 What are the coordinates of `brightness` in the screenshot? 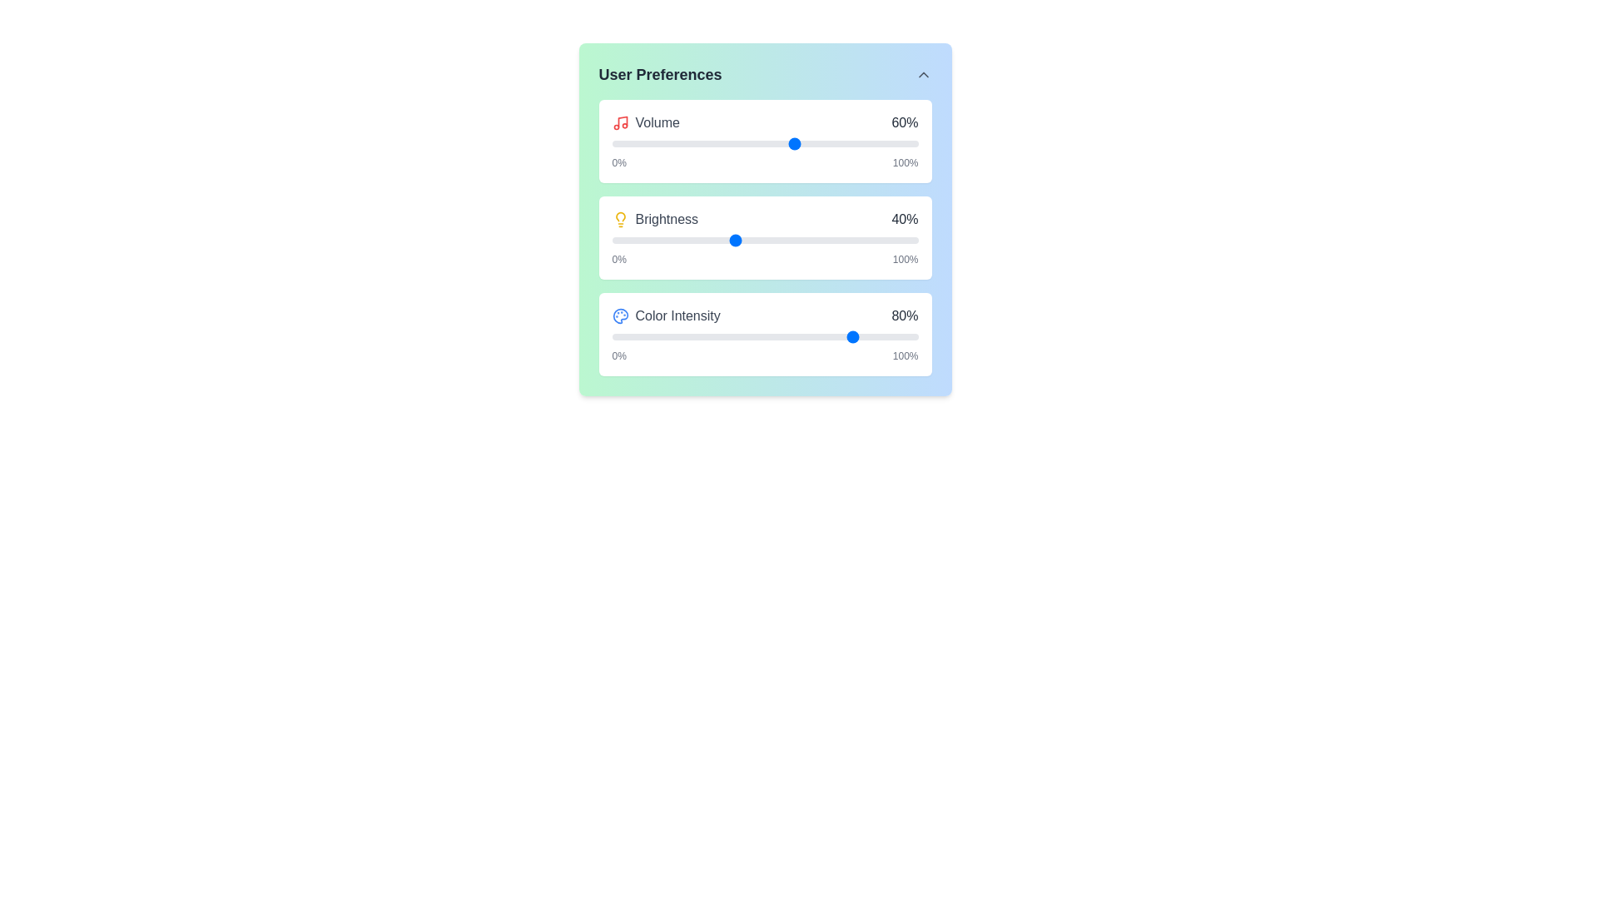 It's located at (685, 241).